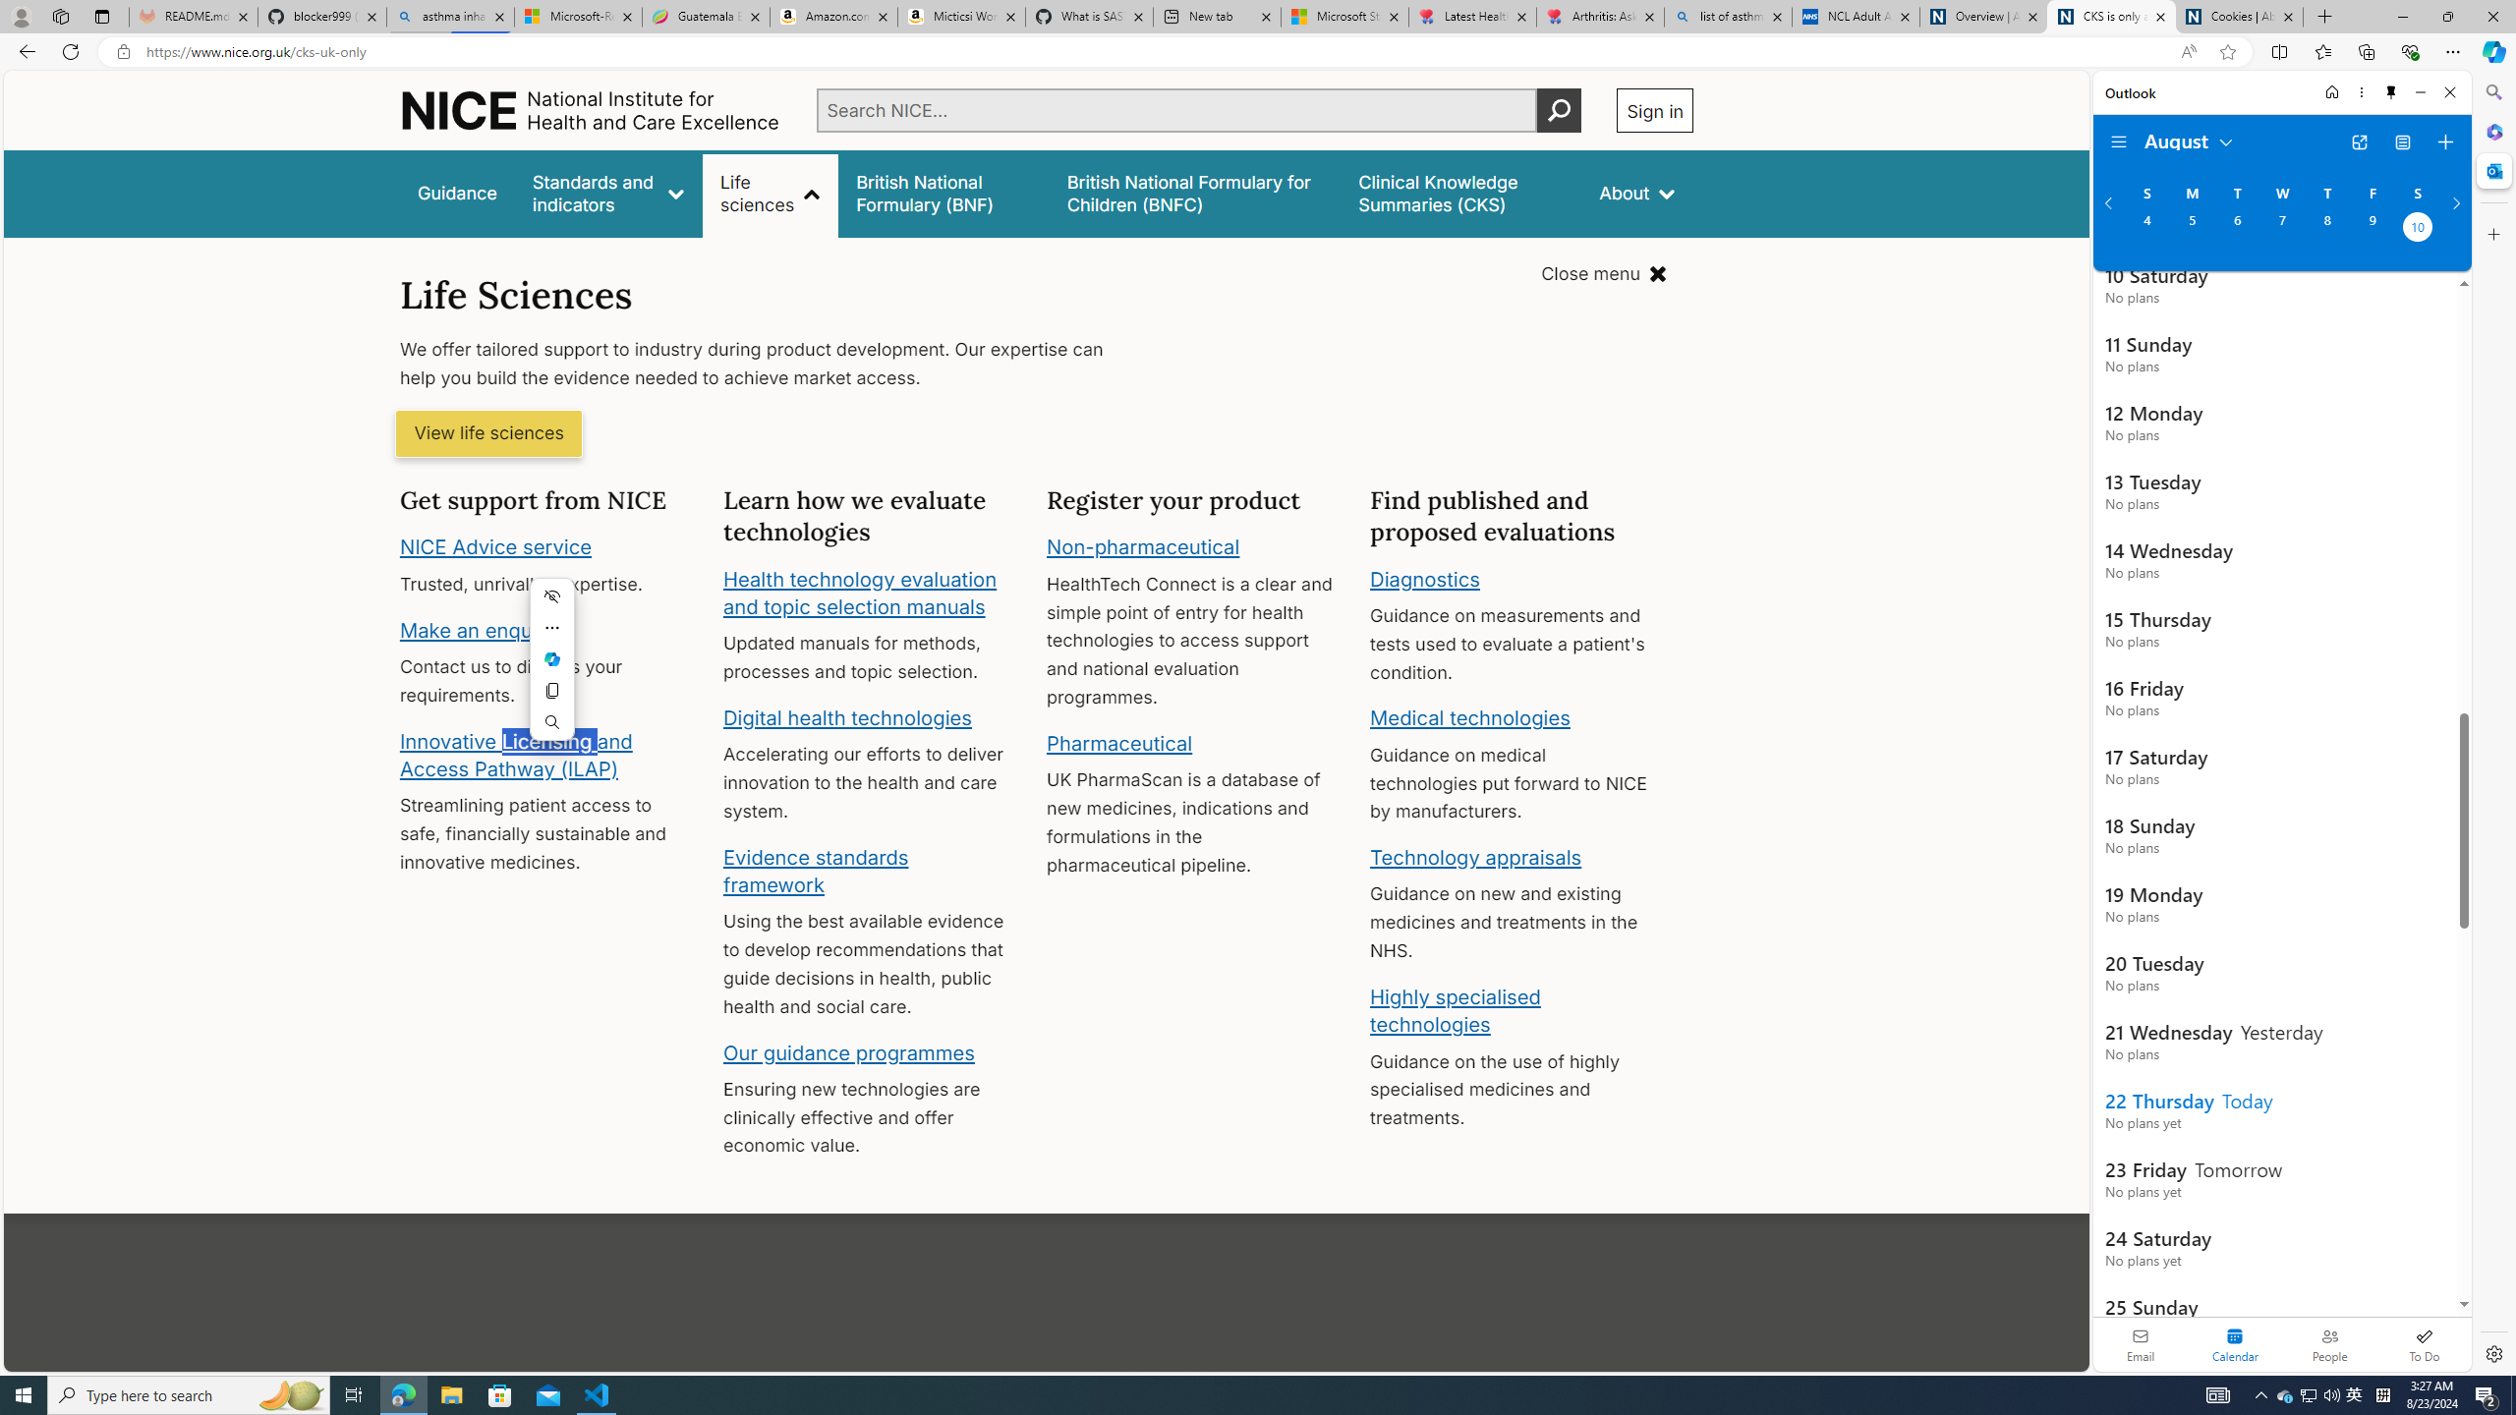 This screenshot has width=2516, height=1415. I want to click on 'Mini menu on text selection', so click(550, 658).